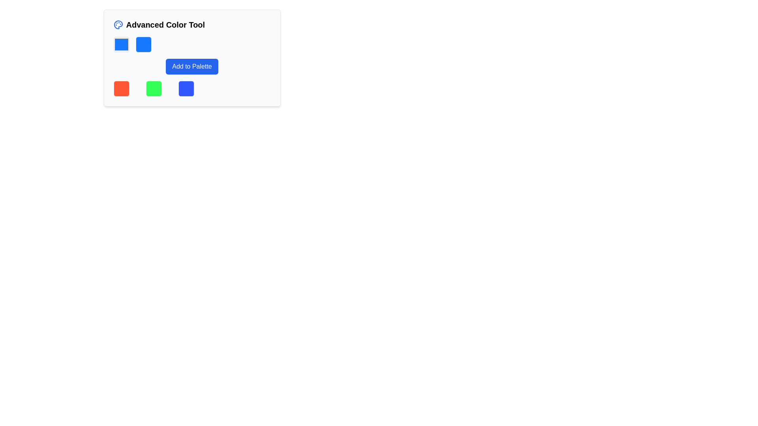 The height and width of the screenshot is (426, 758). Describe the element at coordinates (118, 24) in the screenshot. I see `the decorative icon for the 'Advanced Color Tool' section, which is positioned at the top-left corner before the text 'Advanced Color Tool'` at that location.